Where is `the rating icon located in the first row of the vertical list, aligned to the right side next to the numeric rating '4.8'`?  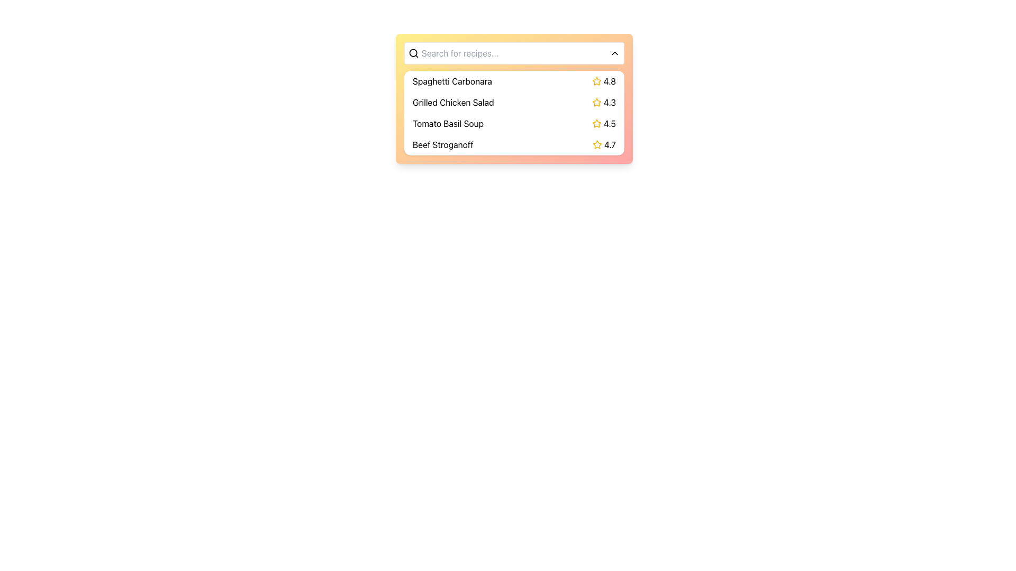 the rating icon located in the first row of the vertical list, aligned to the right side next to the numeric rating '4.8' is located at coordinates (596, 80).